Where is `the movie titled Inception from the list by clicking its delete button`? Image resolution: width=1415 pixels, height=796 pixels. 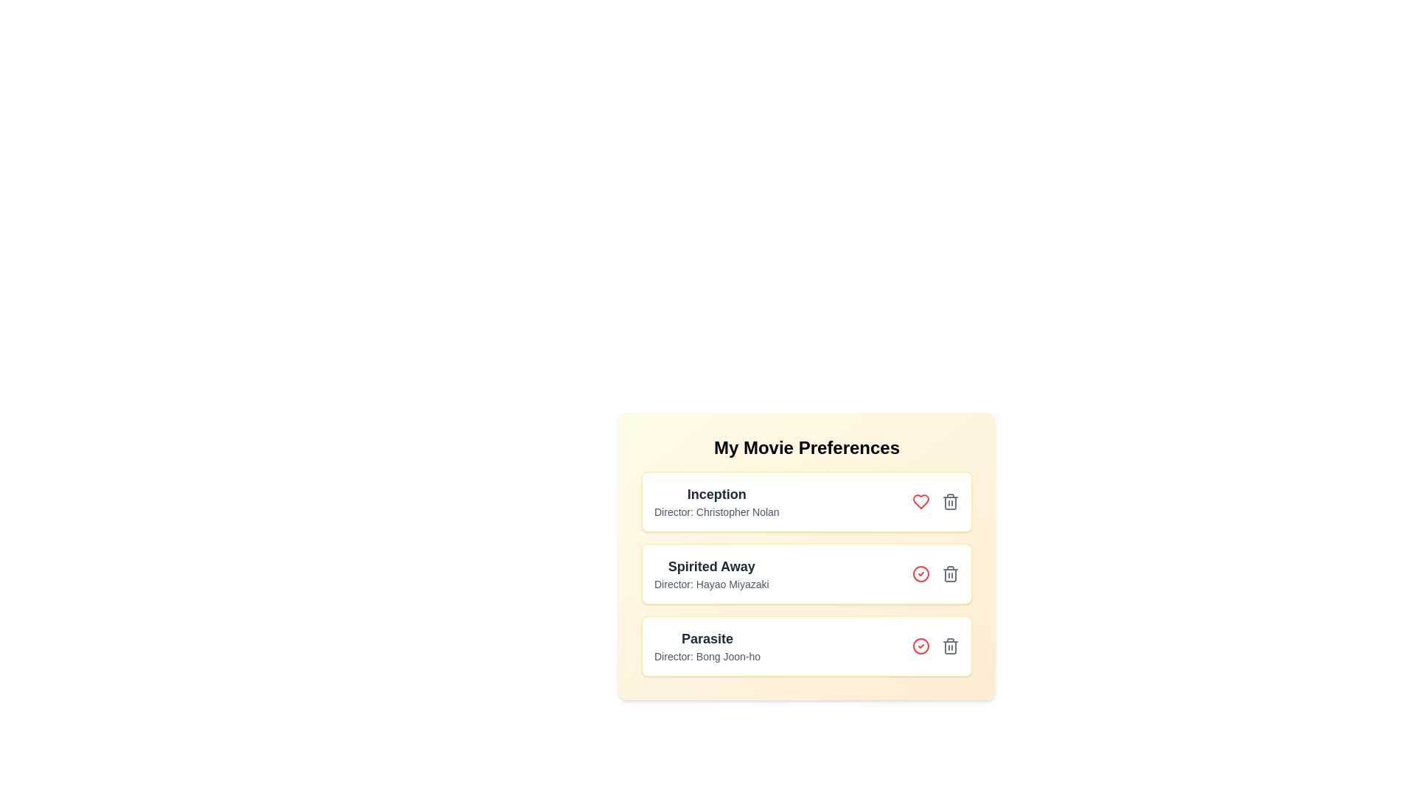
the movie titled Inception from the list by clicking its delete button is located at coordinates (951, 501).